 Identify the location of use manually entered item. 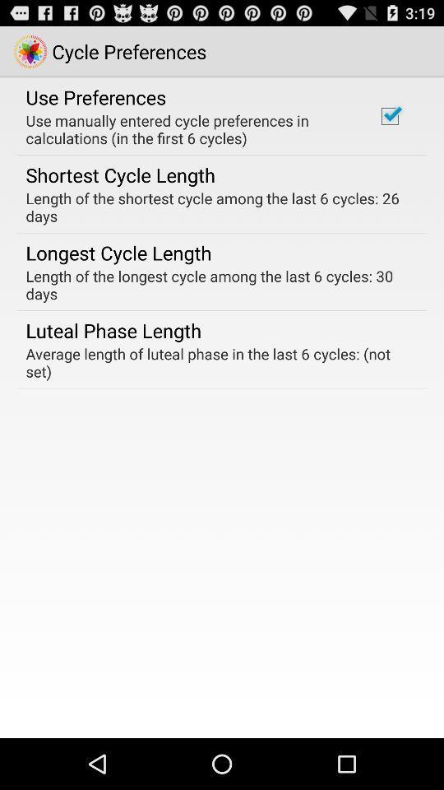
(189, 128).